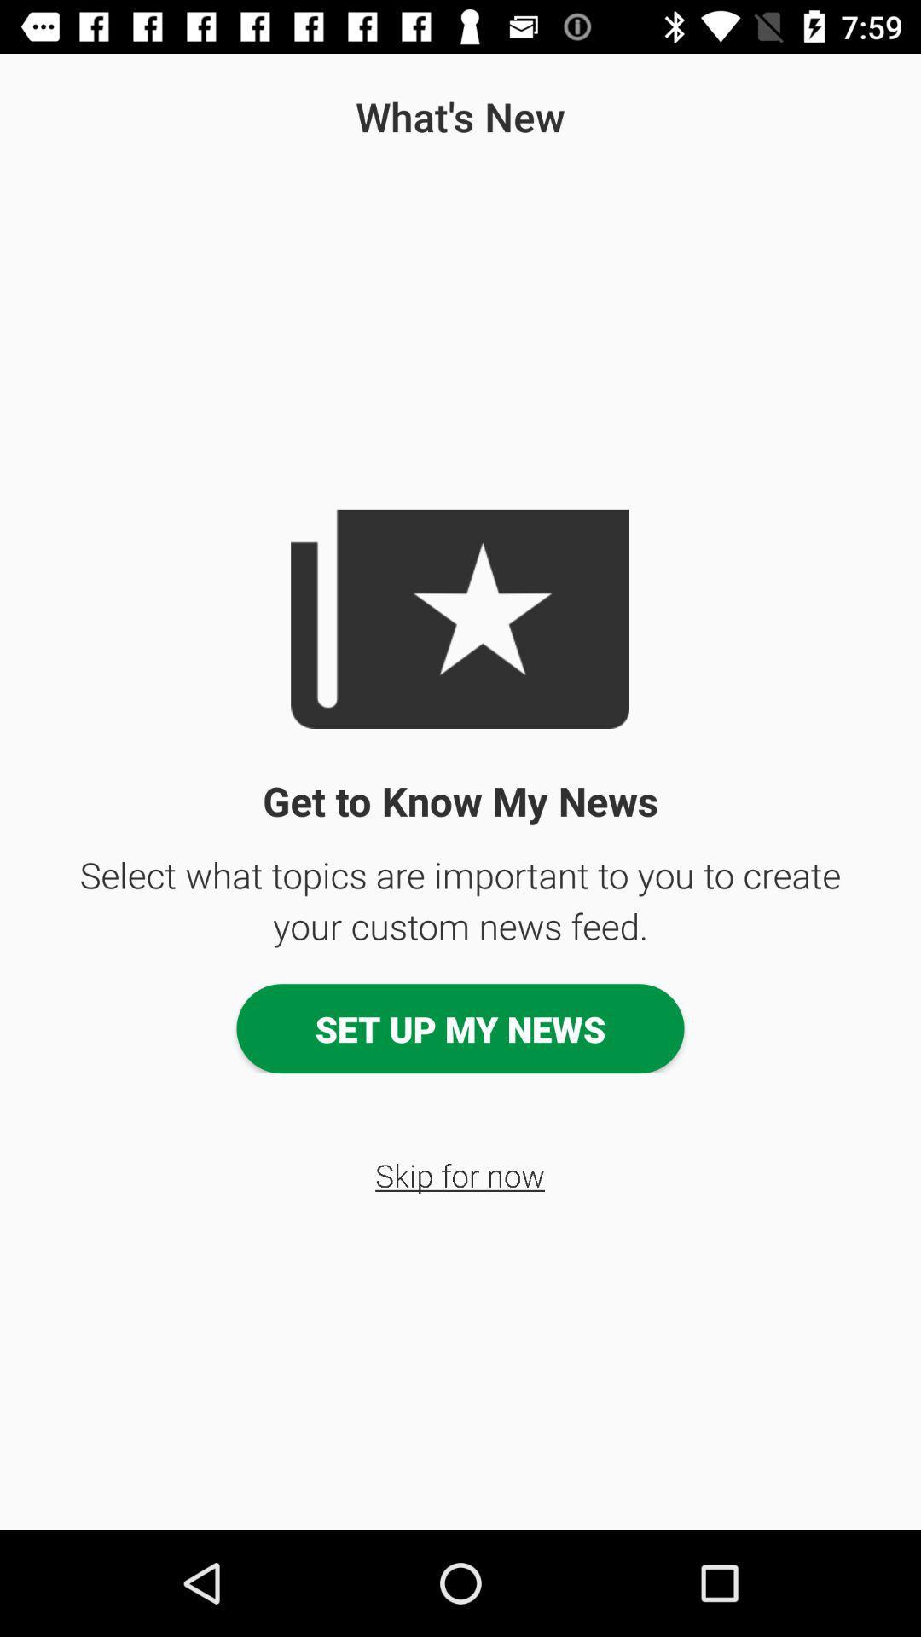 This screenshot has height=1637, width=921. I want to click on set up my item, so click(460, 1027).